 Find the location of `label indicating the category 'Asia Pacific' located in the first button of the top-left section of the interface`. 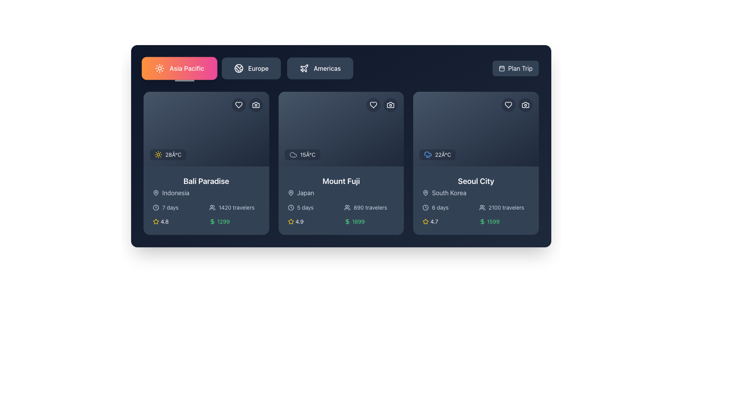

label indicating the category 'Asia Pacific' located in the first button of the top-left section of the interface is located at coordinates (187, 68).